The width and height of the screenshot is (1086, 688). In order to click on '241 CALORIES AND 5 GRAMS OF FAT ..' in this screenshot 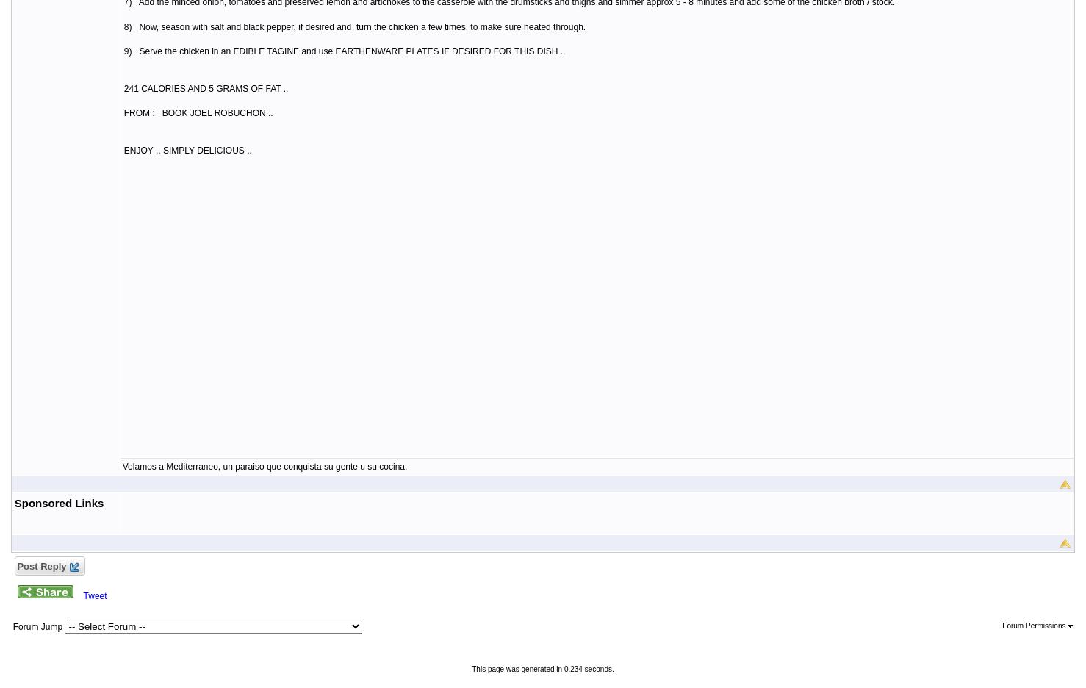, I will do `click(205, 87)`.